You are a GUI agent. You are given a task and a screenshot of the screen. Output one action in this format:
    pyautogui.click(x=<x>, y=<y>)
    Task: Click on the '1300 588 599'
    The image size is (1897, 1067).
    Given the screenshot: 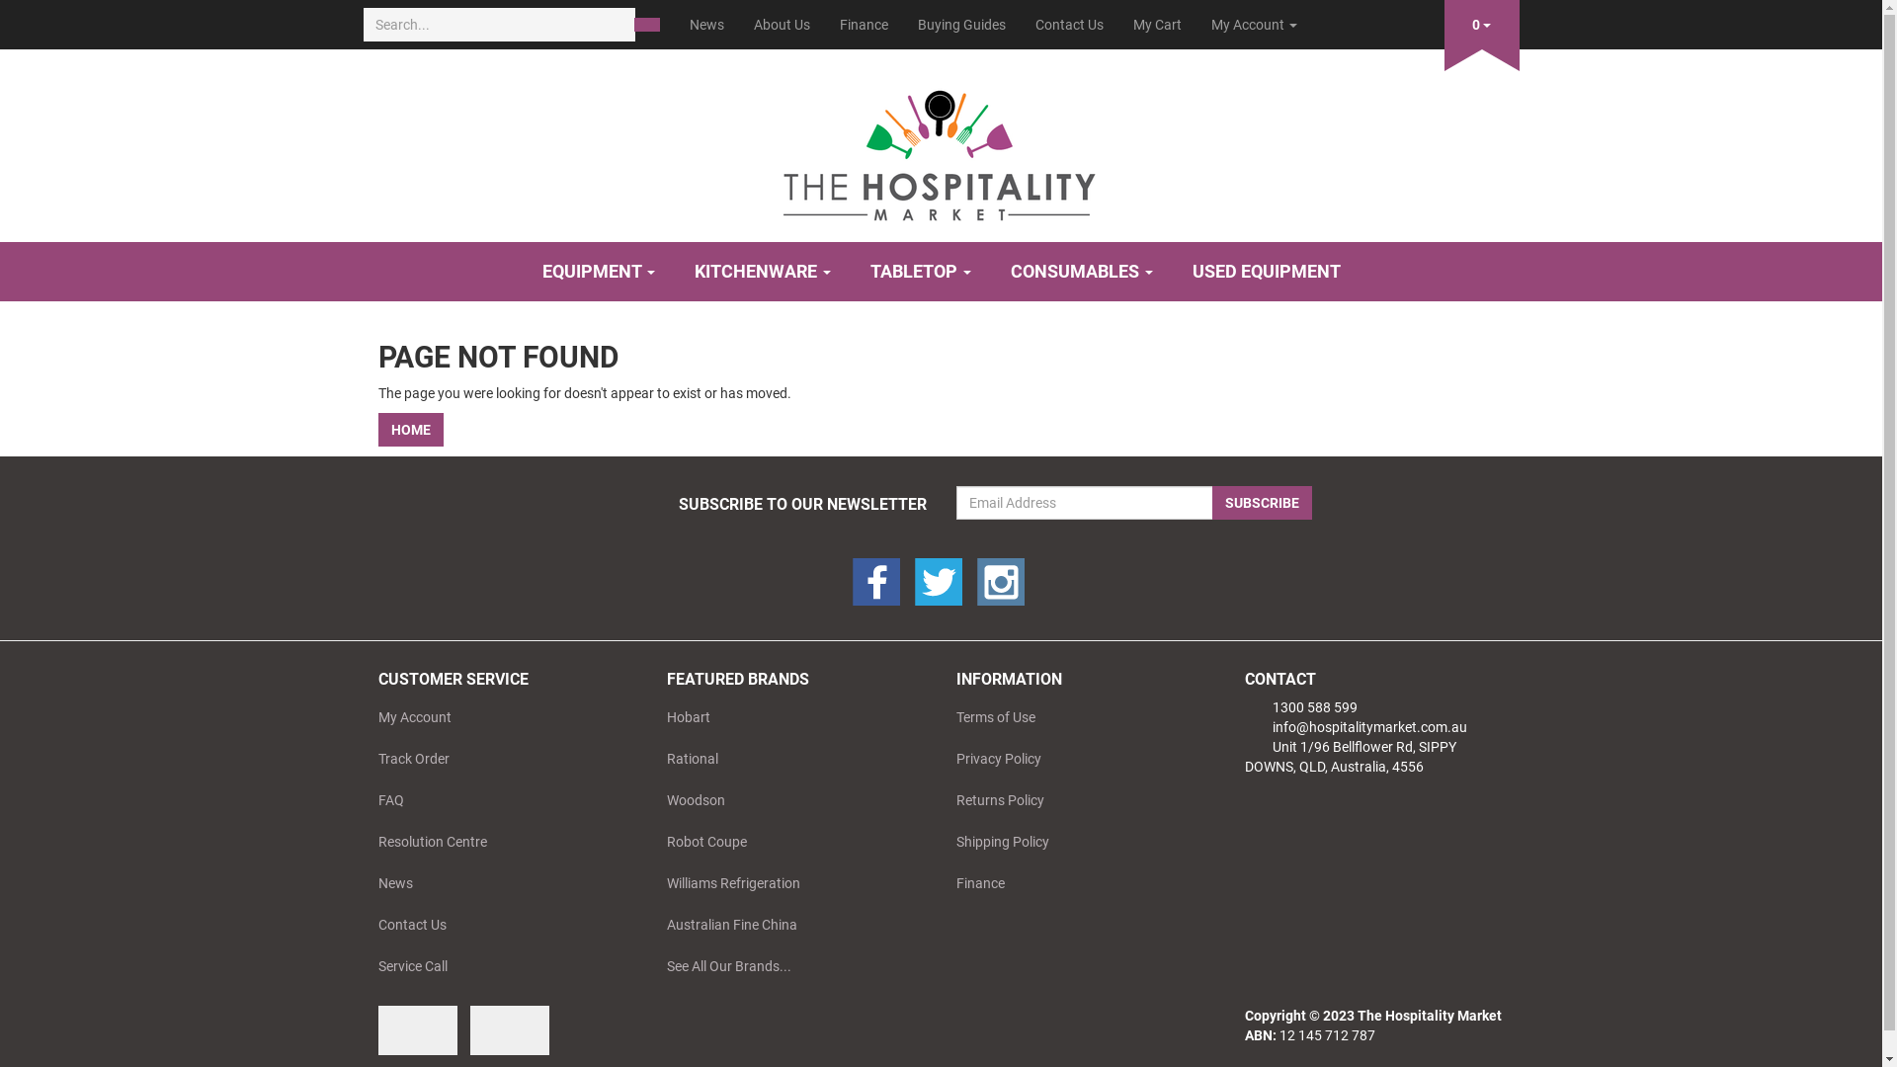 What is the action you would take?
    pyautogui.click(x=1300, y=706)
    